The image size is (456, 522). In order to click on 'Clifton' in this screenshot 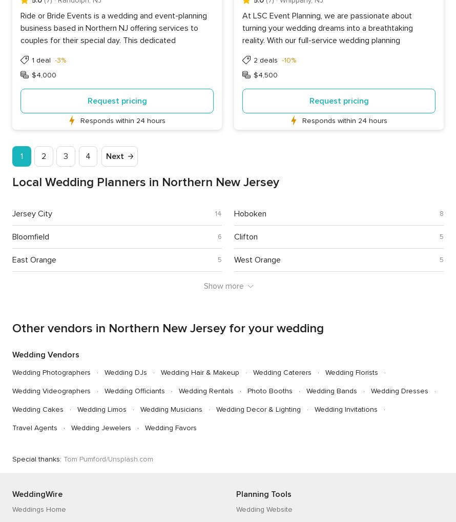, I will do `click(245, 236)`.